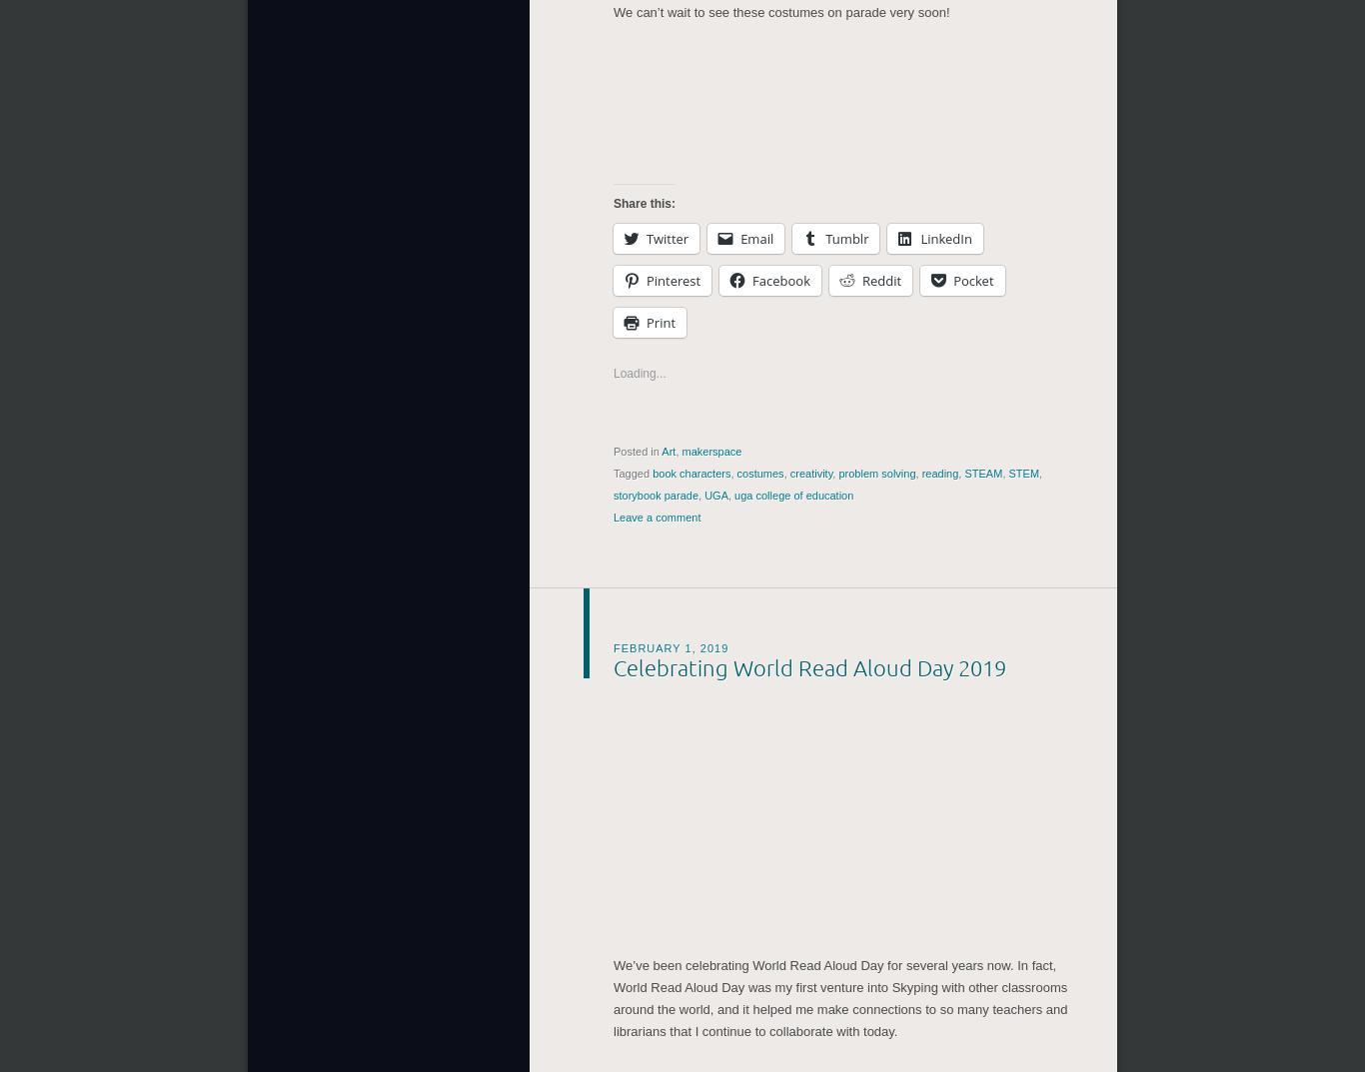 This screenshot has height=1072, width=1365. What do you see at coordinates (824, 234) in the screenshot?
I see `'Tumblr'` at bounding box center [824, 234].